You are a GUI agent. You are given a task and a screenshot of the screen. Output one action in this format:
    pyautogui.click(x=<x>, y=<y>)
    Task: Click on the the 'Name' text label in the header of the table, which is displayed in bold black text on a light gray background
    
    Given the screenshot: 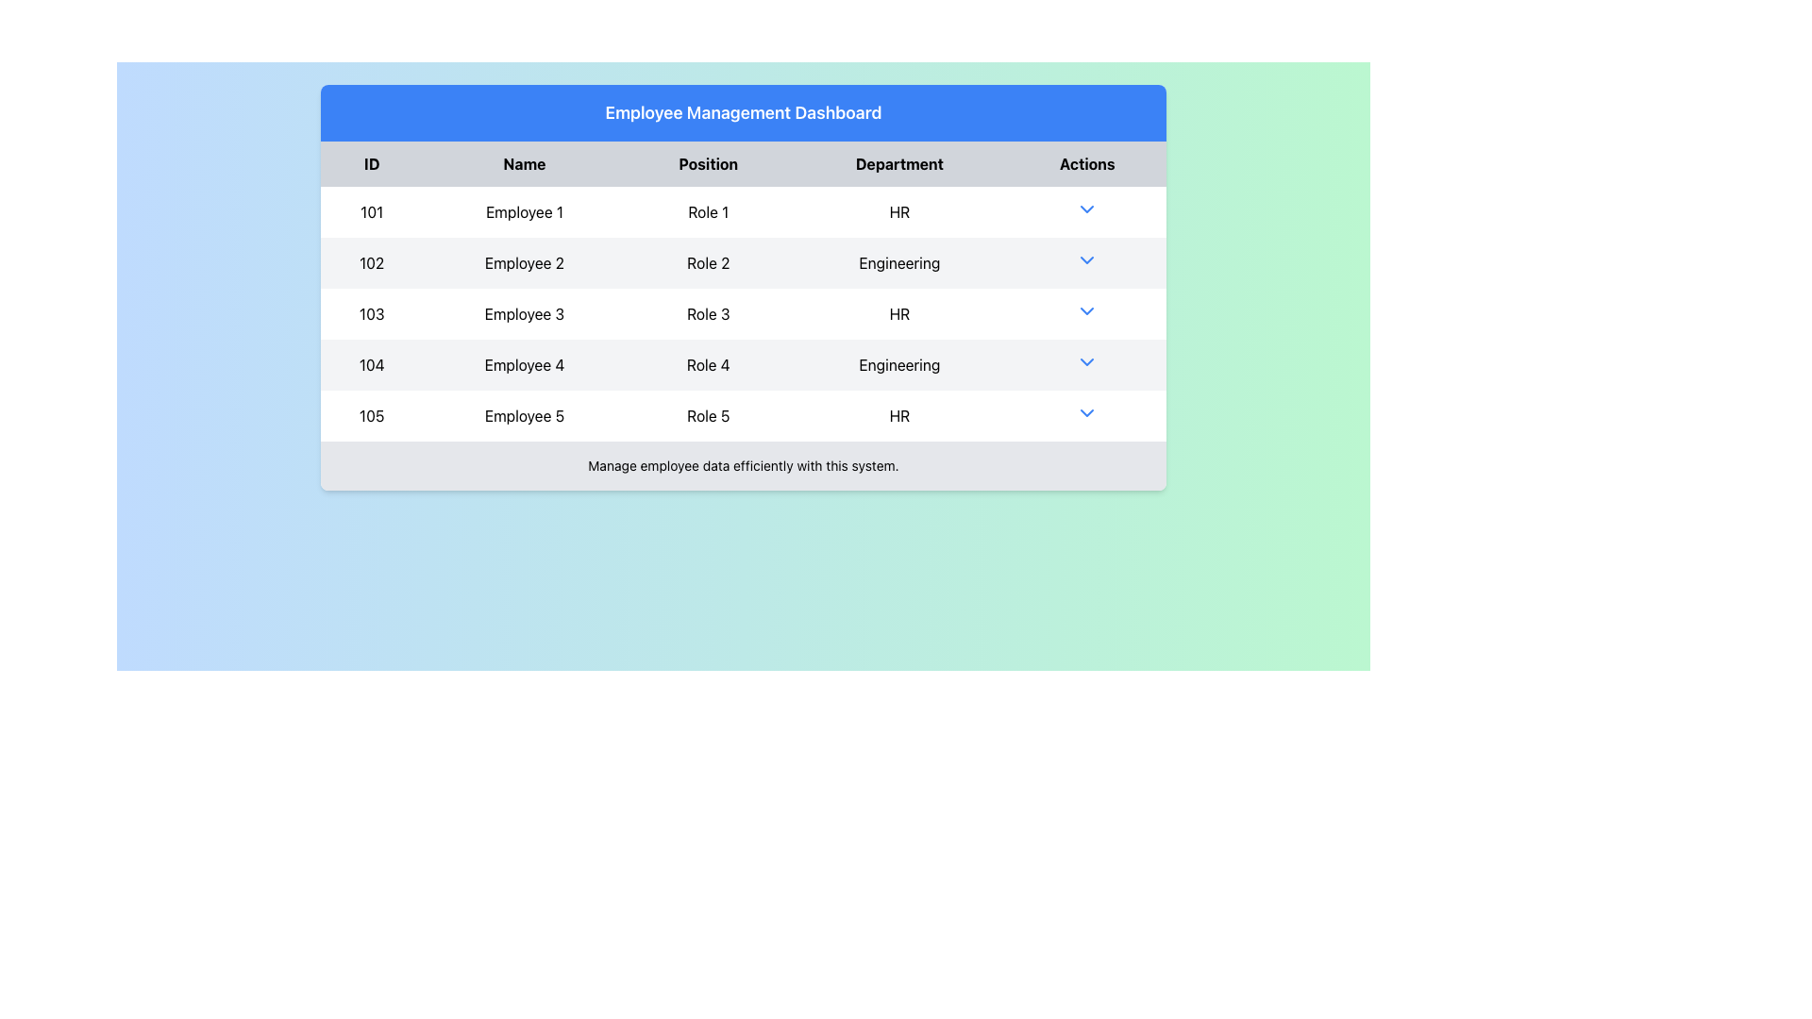 What is the action you would take?
    pyautogui.click(x=525, y=162)
    